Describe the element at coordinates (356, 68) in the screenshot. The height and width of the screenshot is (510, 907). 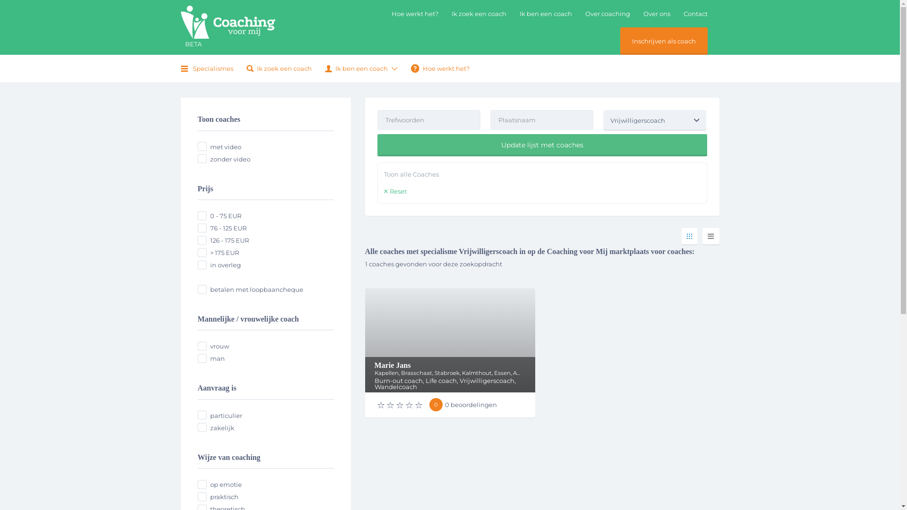
I see `'Ik ben een coach'` at that location.